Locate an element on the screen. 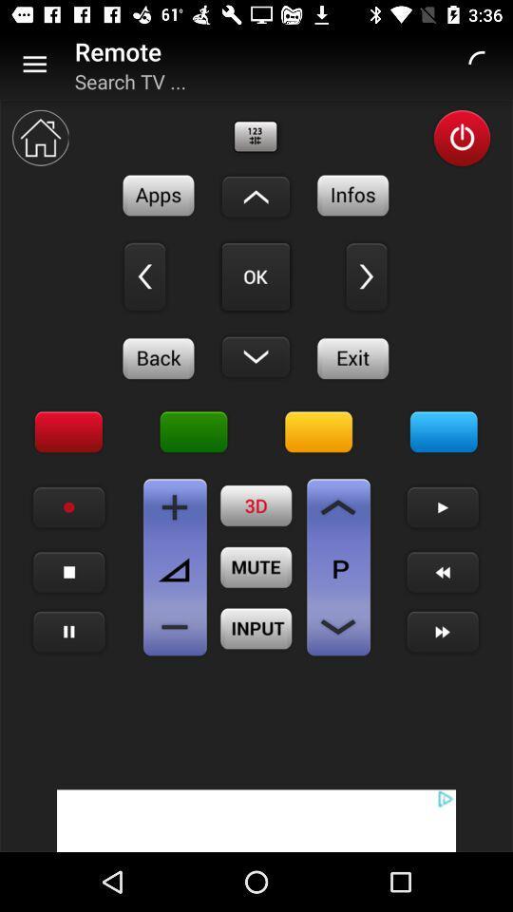 Image resolution: width=513 pixels, height=912 pixels. next arrow option is located at coordinates (443, 506).